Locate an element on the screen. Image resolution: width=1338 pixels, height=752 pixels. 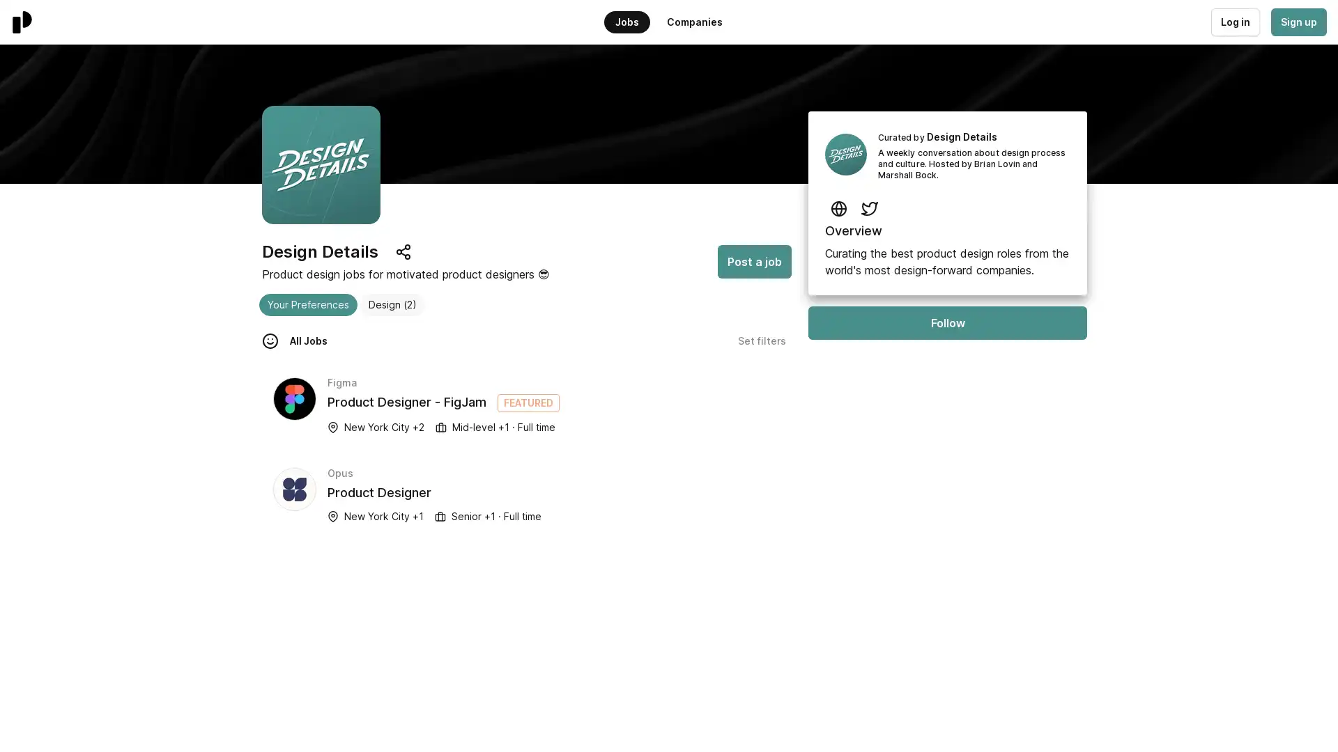
Log in is located at coordinates (1234, 22).